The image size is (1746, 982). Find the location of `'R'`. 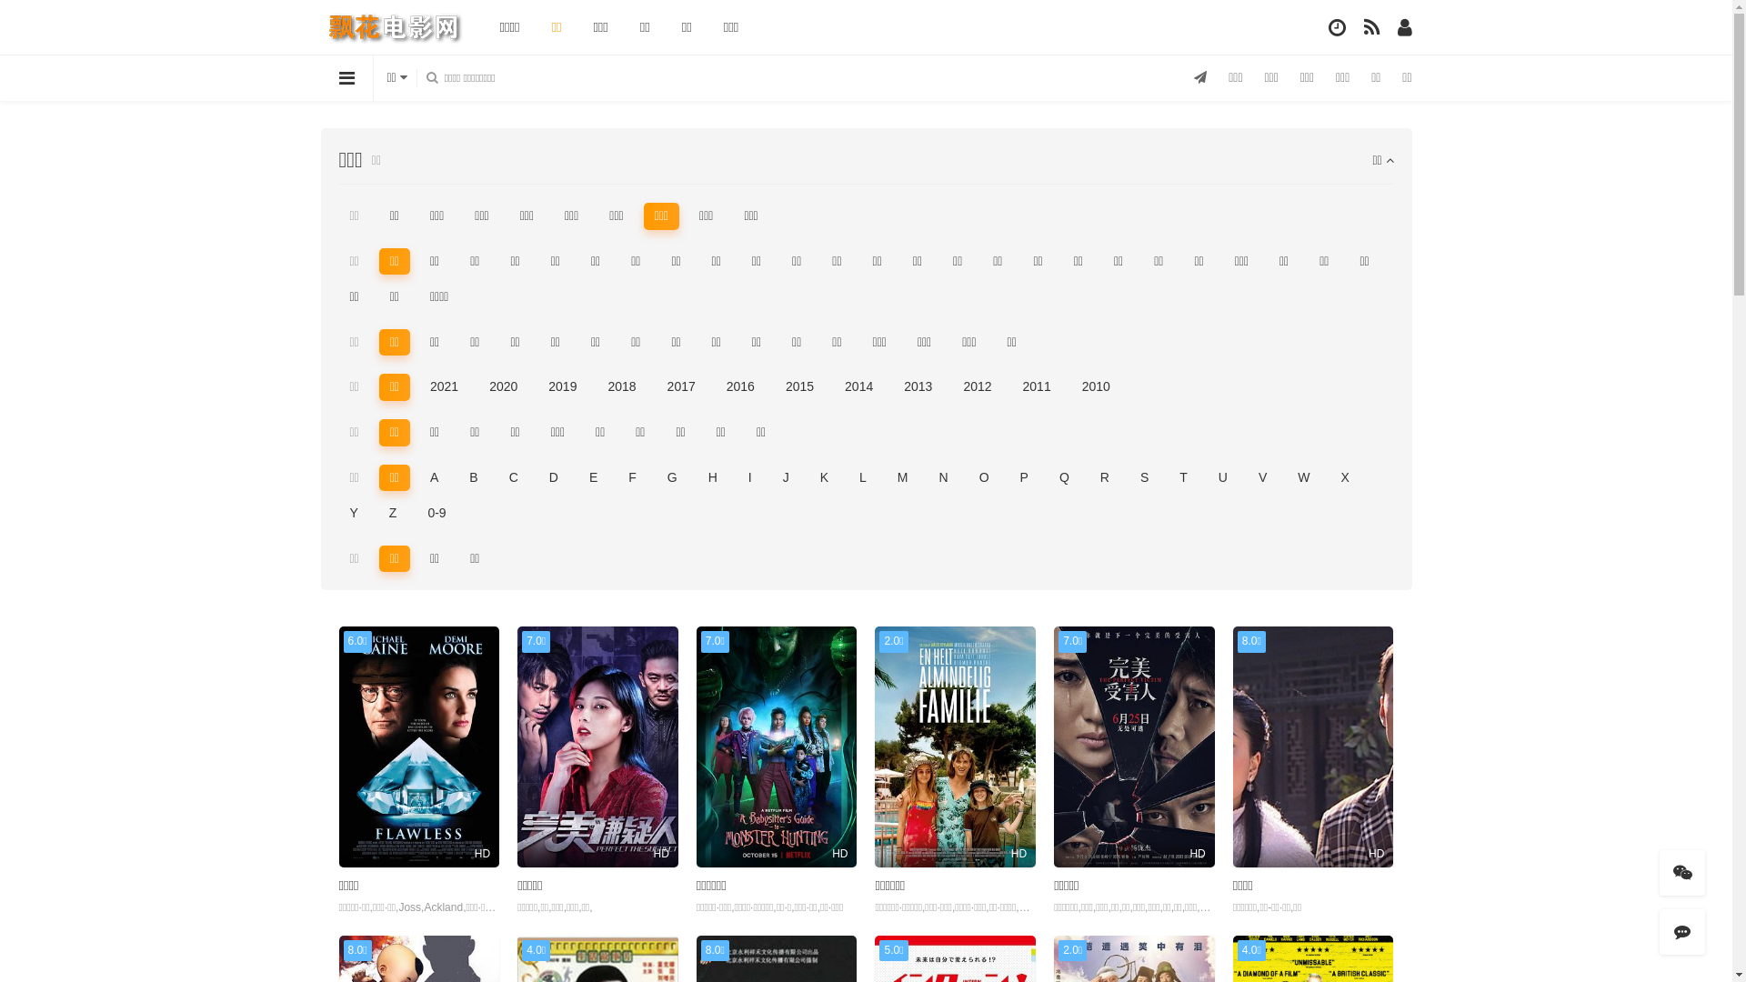

'R' is located at coordinates (1103, 476).